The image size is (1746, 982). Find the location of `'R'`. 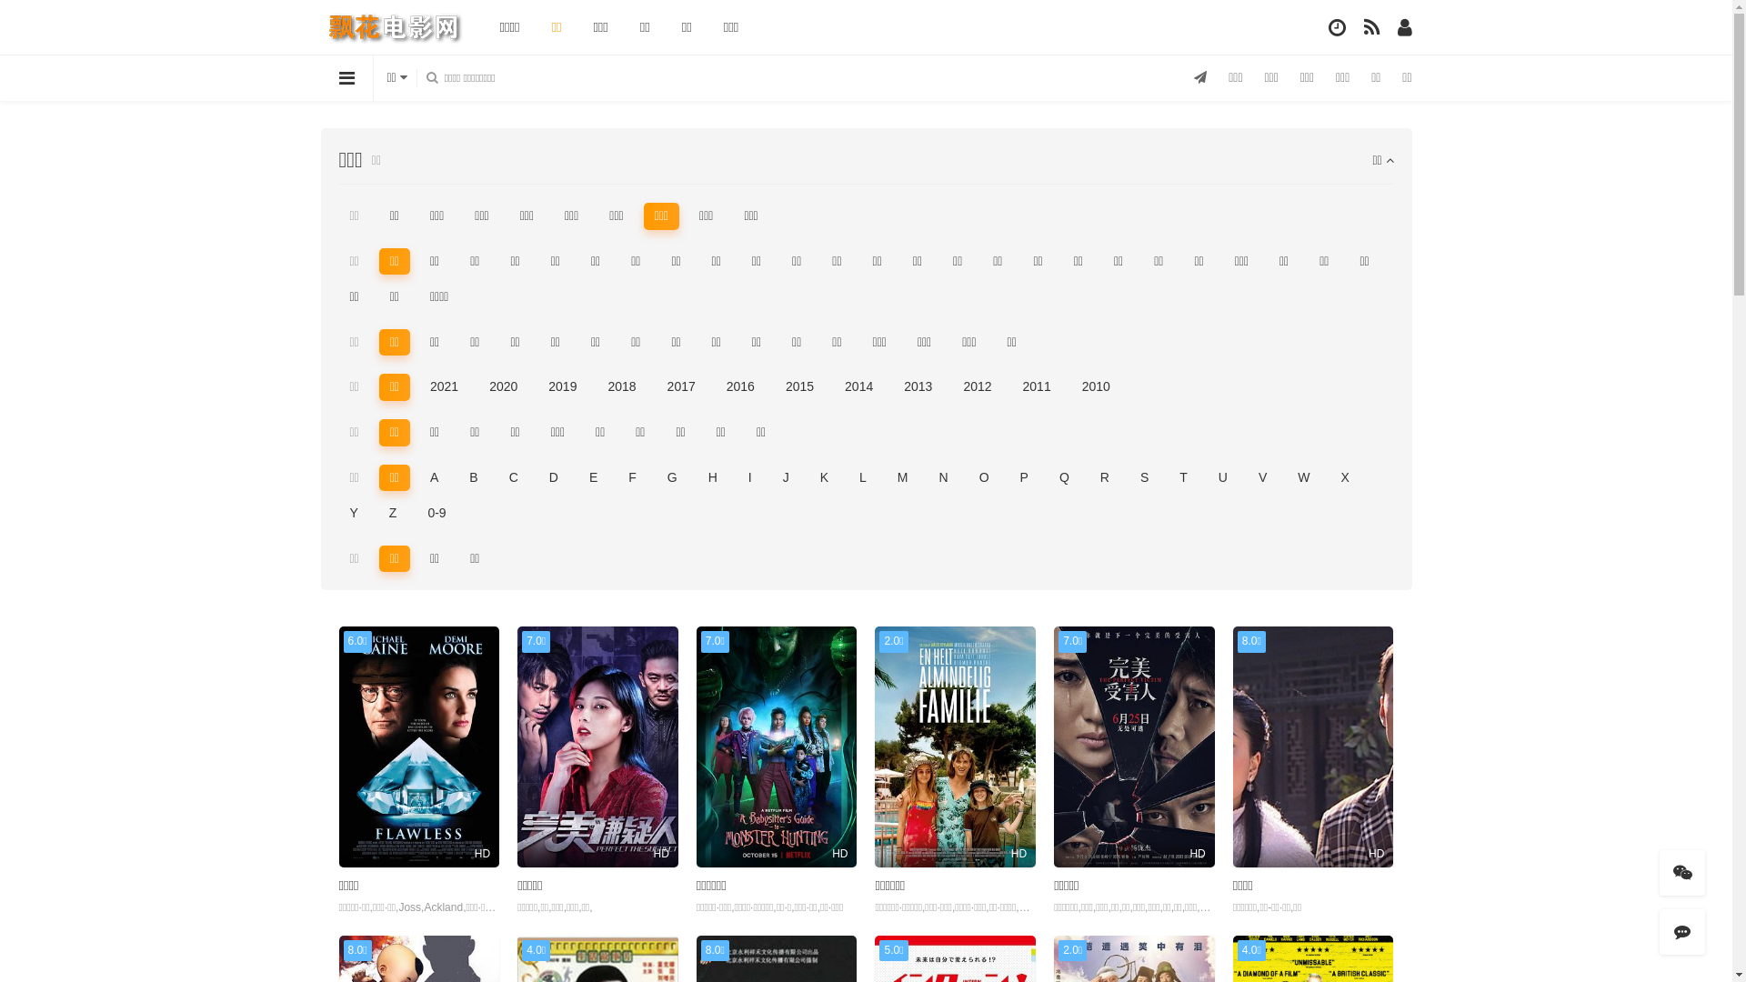

'R' is located at coordinates (1103, 476).